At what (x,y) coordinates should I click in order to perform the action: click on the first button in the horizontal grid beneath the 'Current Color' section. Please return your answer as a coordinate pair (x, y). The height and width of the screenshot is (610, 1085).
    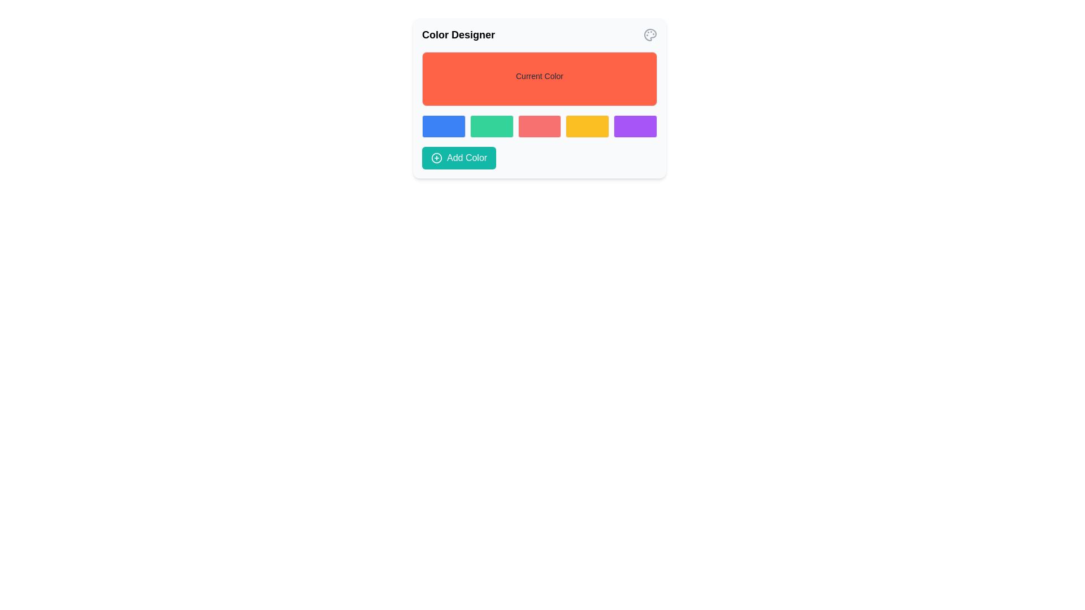
    Looking at the image, I should click on (443, 126).